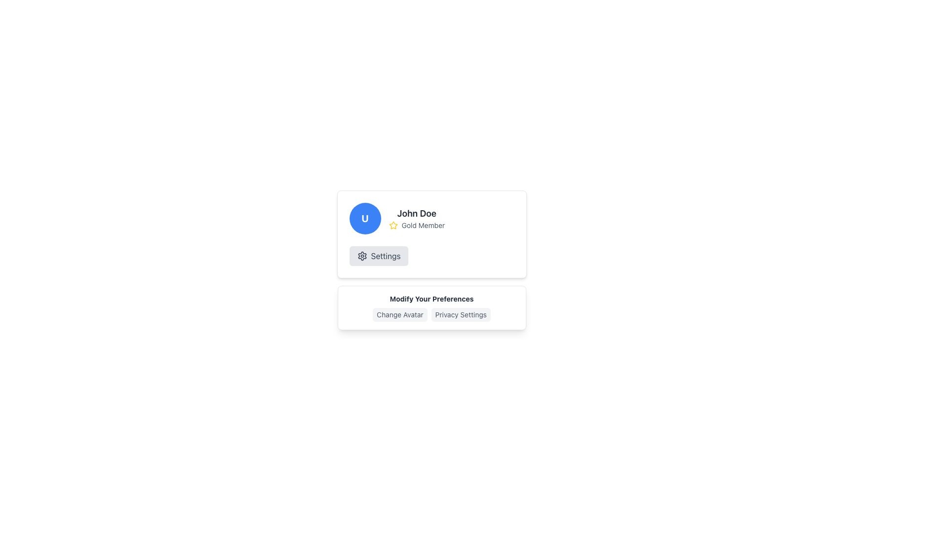 The image size is (948, 533). Describe the element at coordinates (423, 225) in the screenshot. I see `the 'Gold Member' status label, which is positioned to the right of a yellow star icon and below the name 'John Doe'` at that location.